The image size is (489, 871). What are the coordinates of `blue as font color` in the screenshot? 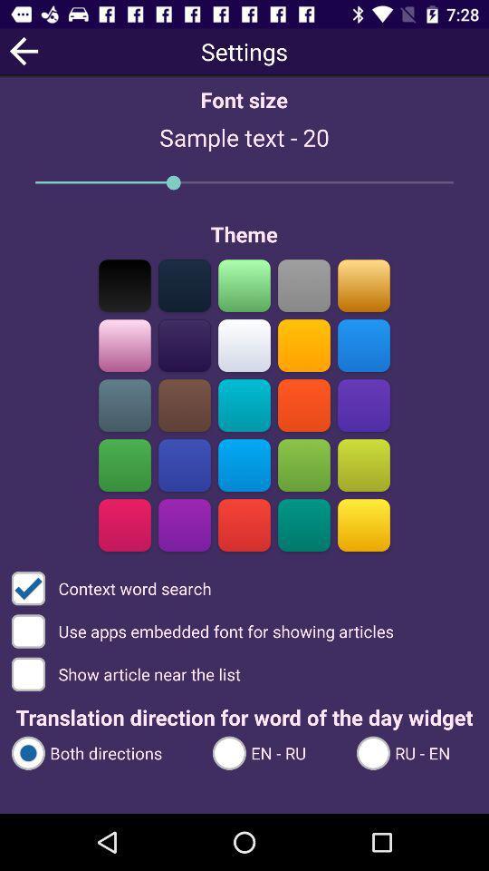 It's located at (244, 465).